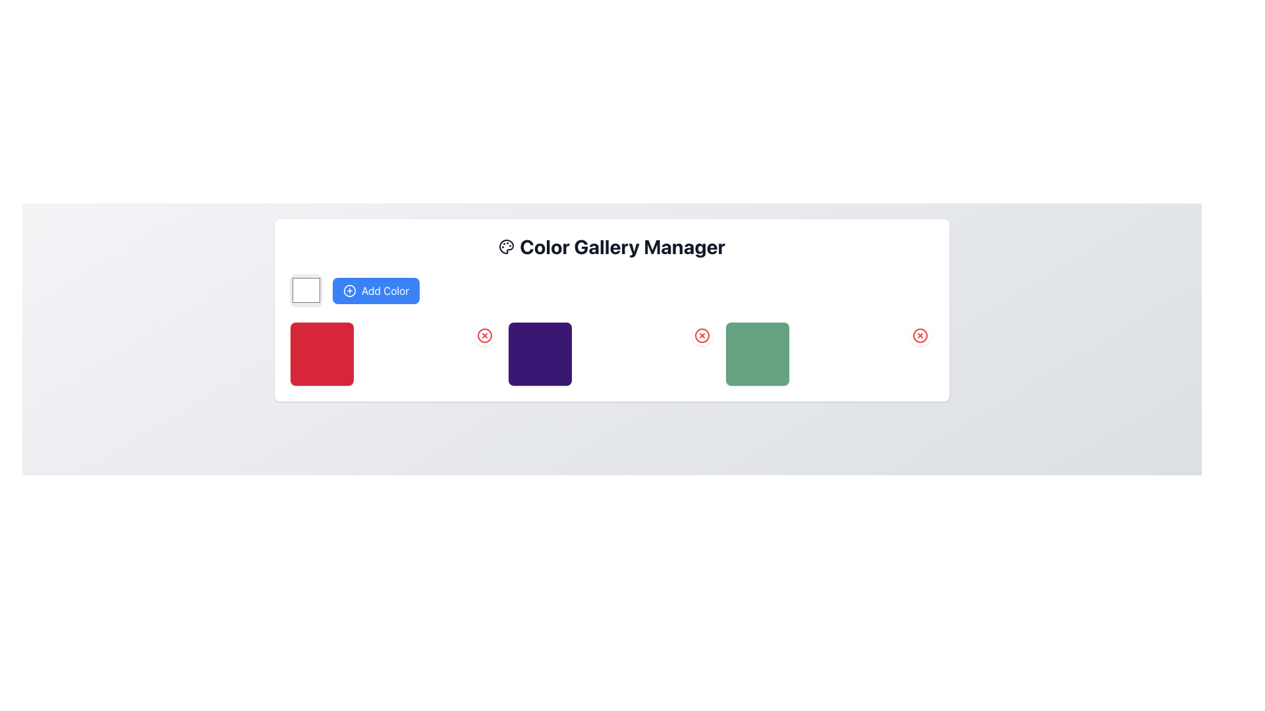 The height and width of the screenshot is (711, 1265). Describe the element at coordinates (484, 334) in the screenshot. I see `the delete button located in the top-right corner of the purple square box` at that location.